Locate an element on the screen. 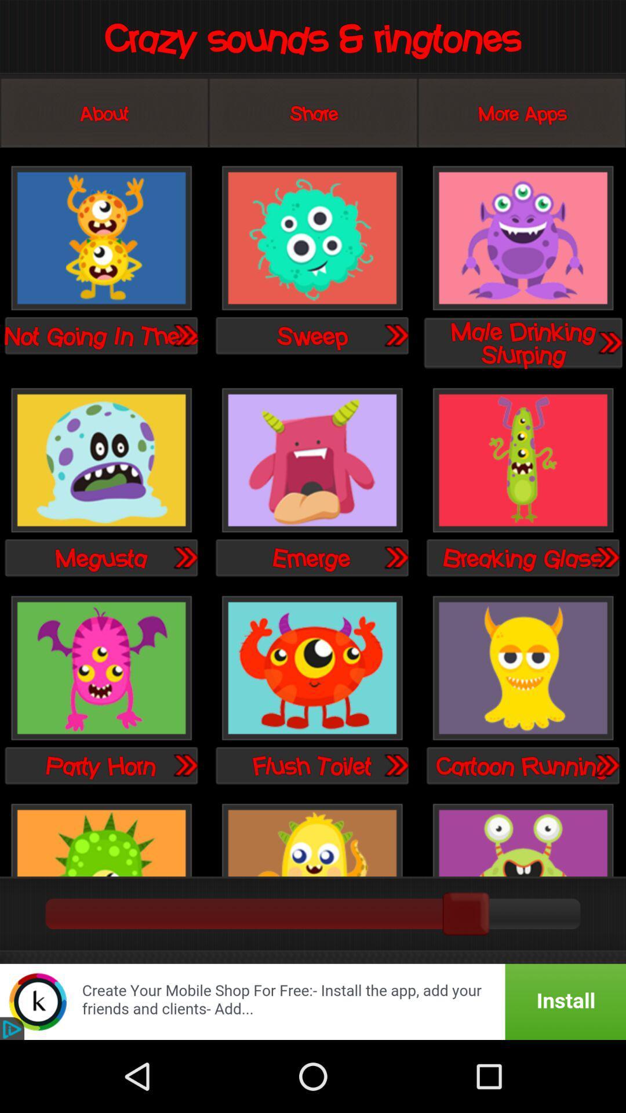 This screenshot has height=1113, width=626. go forword is located at coordinates (184, 557).